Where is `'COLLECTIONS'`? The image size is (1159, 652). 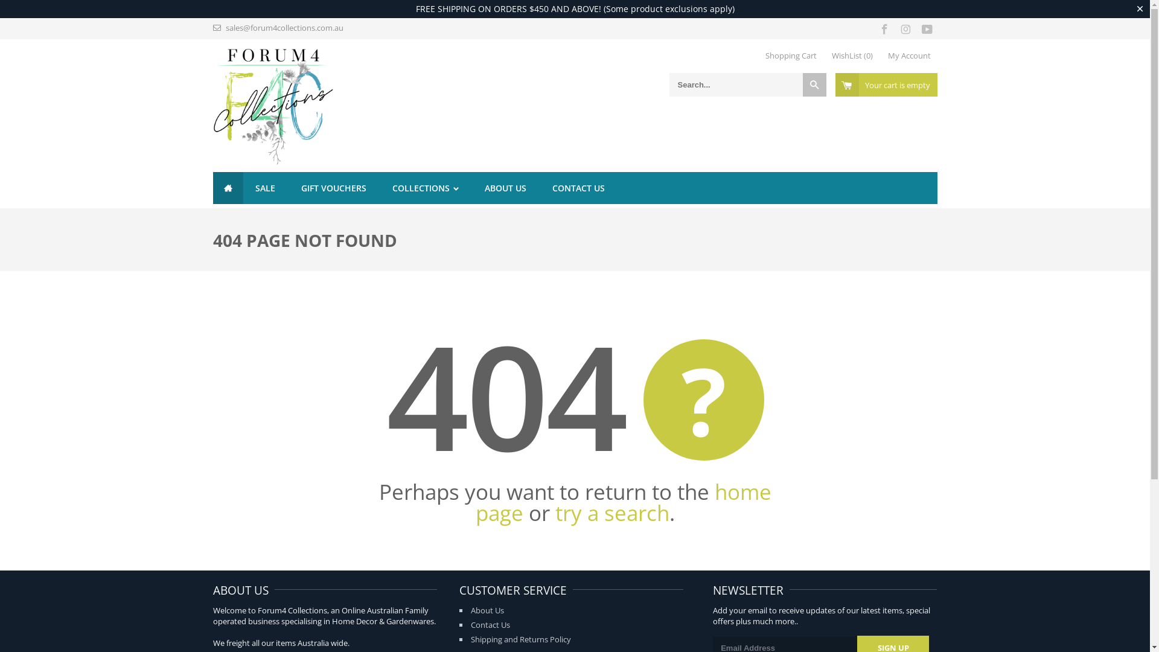
'COLLECTIONS' is located at coordinates (426, 188).